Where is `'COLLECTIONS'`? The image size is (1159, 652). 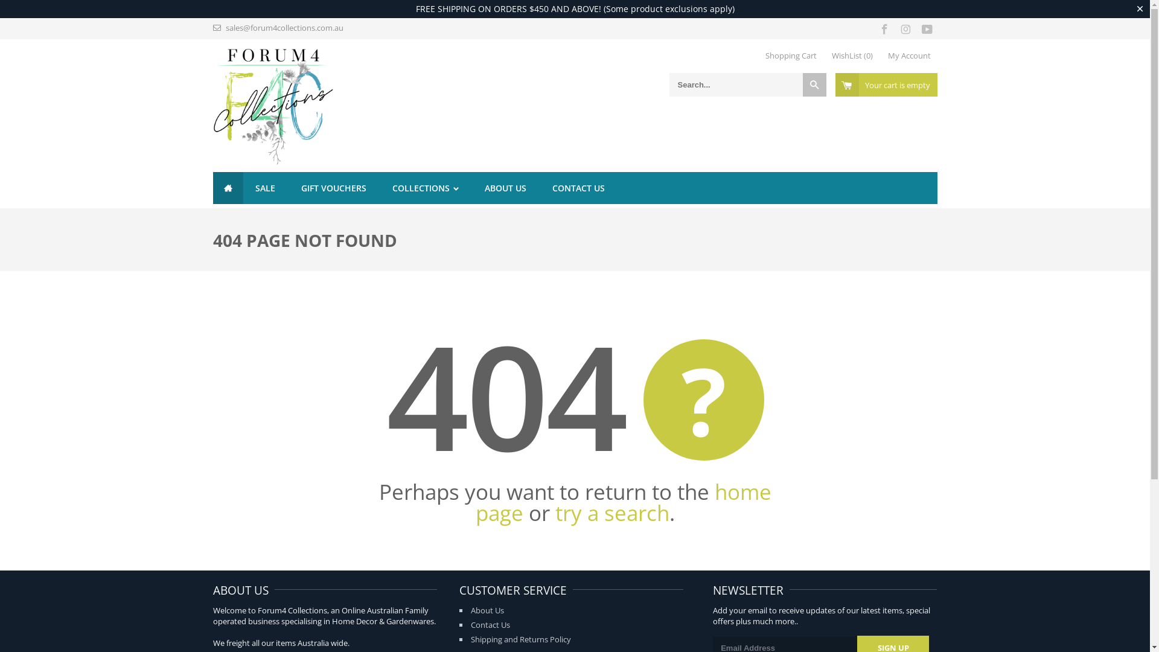
'COLLECTIONS' is located at coordinates (426, 188).